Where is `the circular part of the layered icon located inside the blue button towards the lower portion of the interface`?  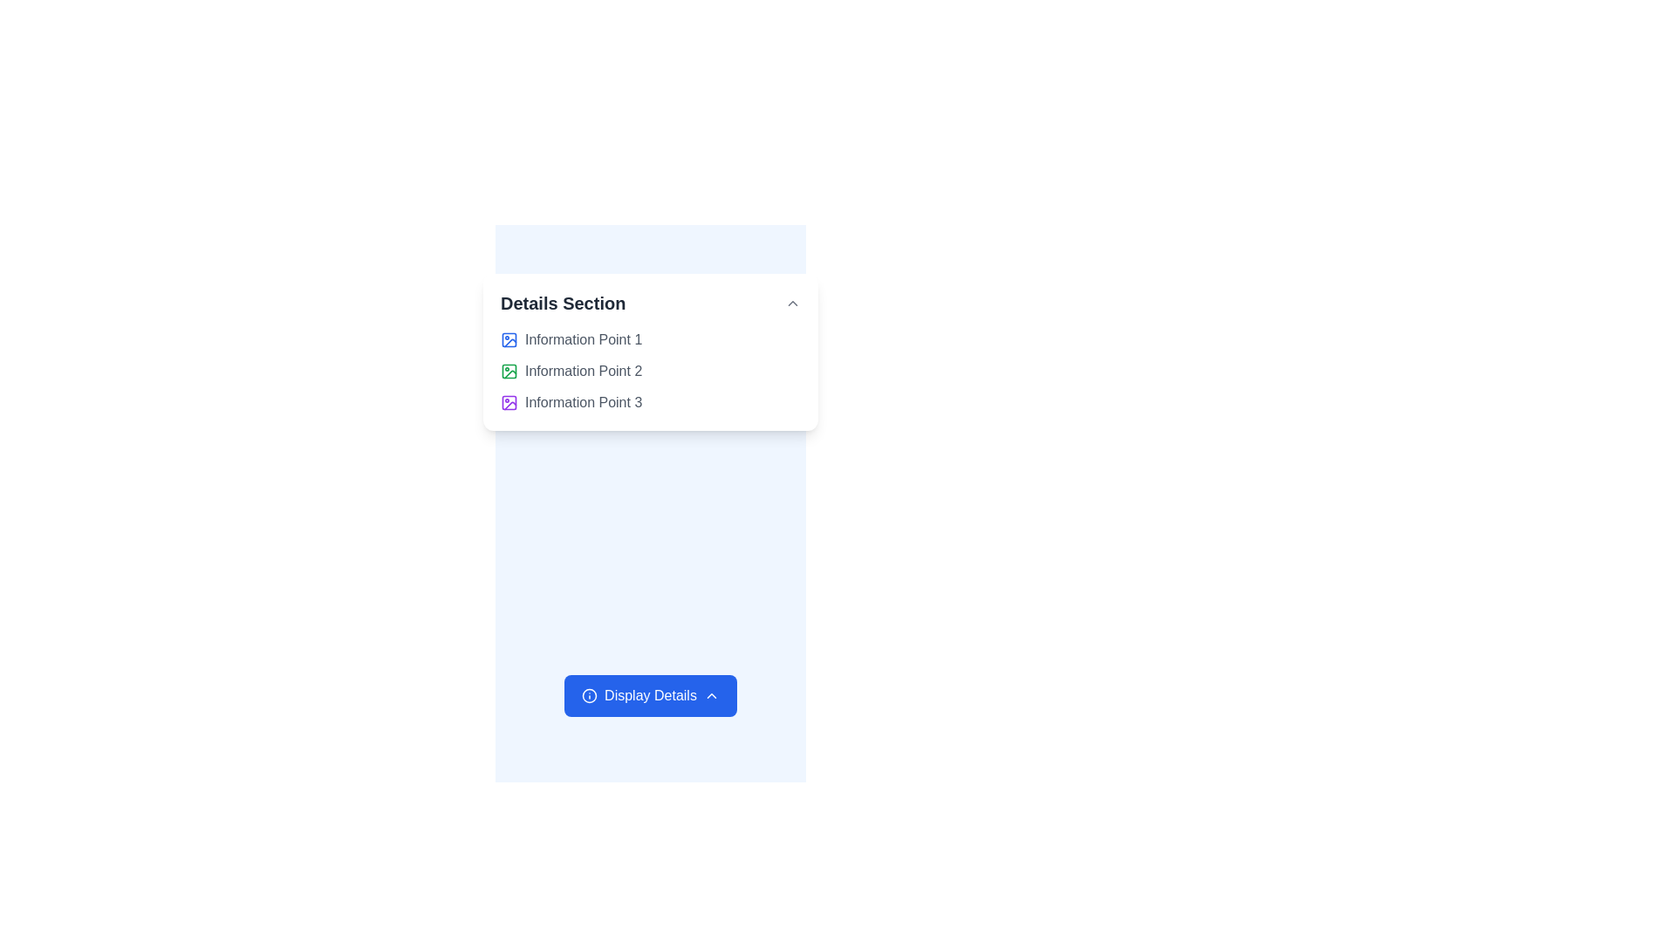
the circular part of the layered icon located inside the blue button towards the lower portion of the interface is located at coordinates (590, 695).